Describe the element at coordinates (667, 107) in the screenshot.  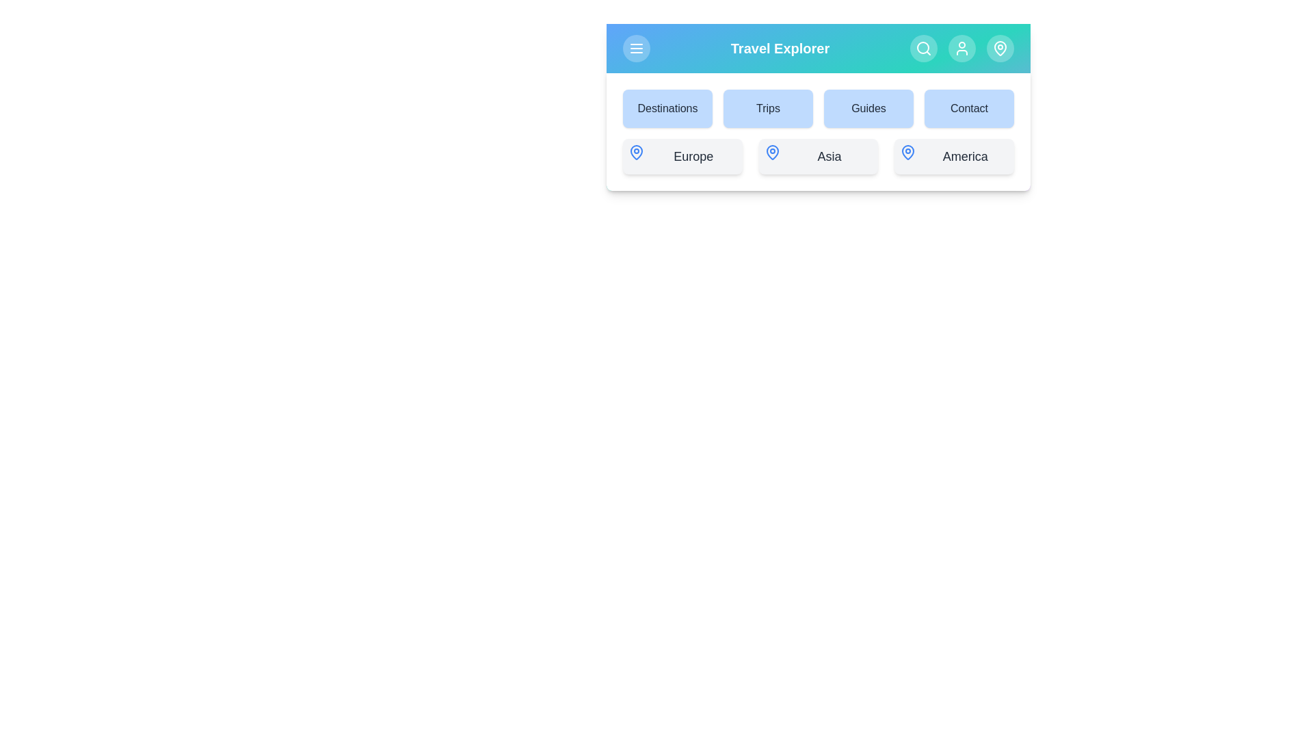
I see `the Destinations button in the navigation bar` at that location.